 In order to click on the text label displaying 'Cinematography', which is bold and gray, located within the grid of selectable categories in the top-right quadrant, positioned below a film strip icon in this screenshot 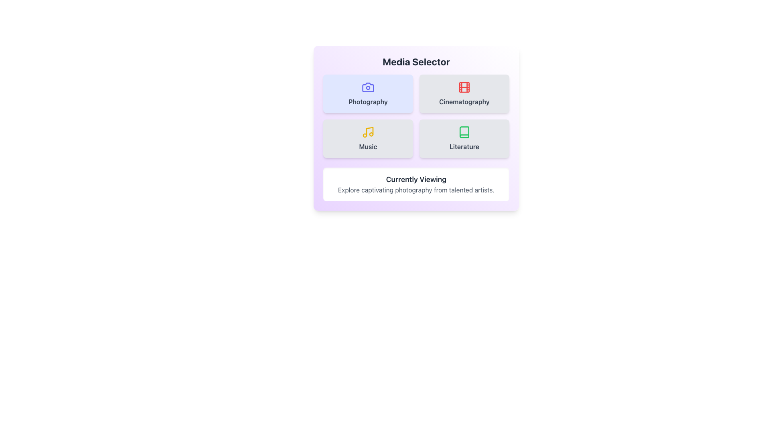, I will do `click(464, 101)`.